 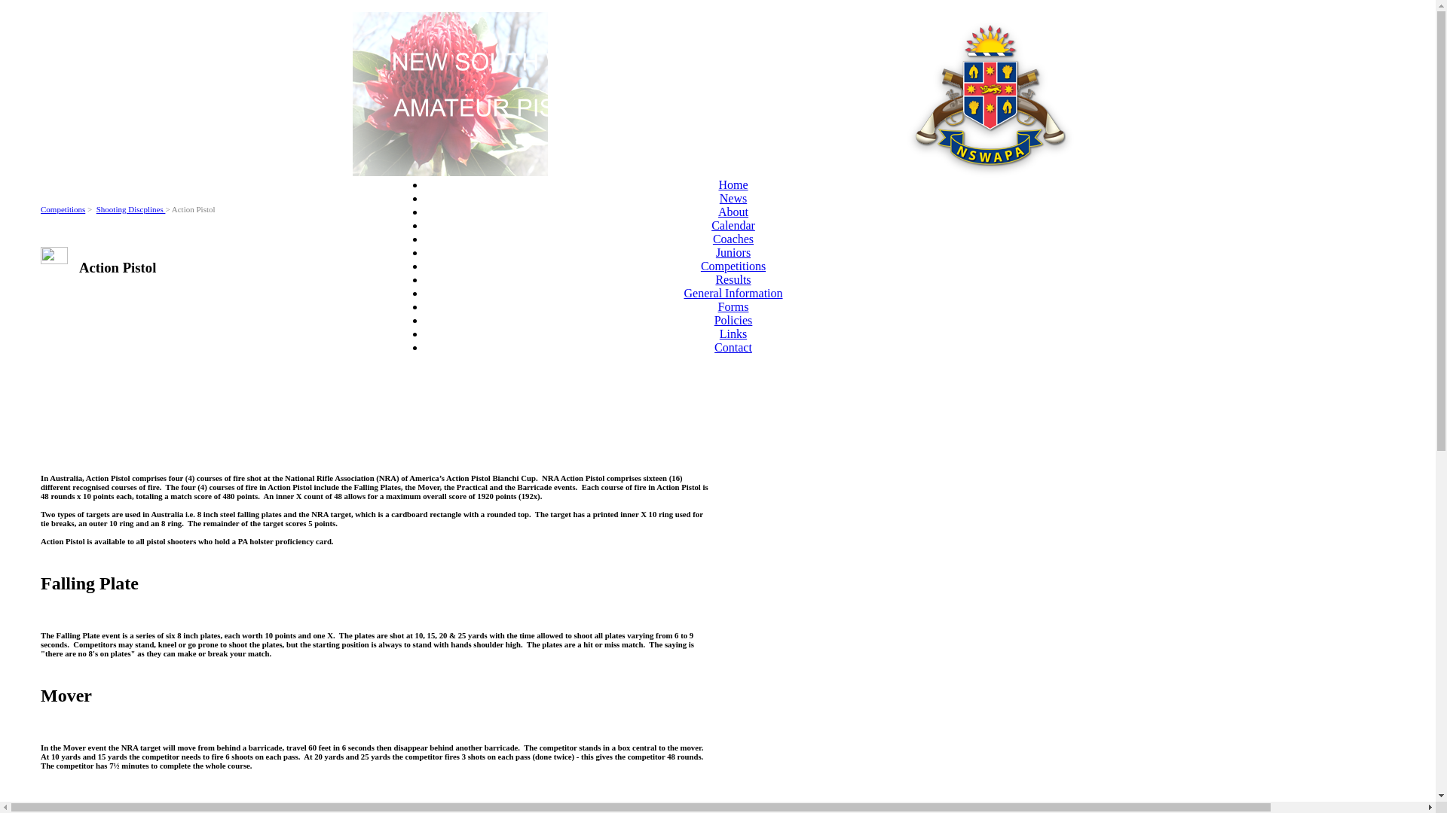 What do you see at coordinates (733, 265) in the screenshot?
I see `'Competitions'` at bounding box center [733, 265].